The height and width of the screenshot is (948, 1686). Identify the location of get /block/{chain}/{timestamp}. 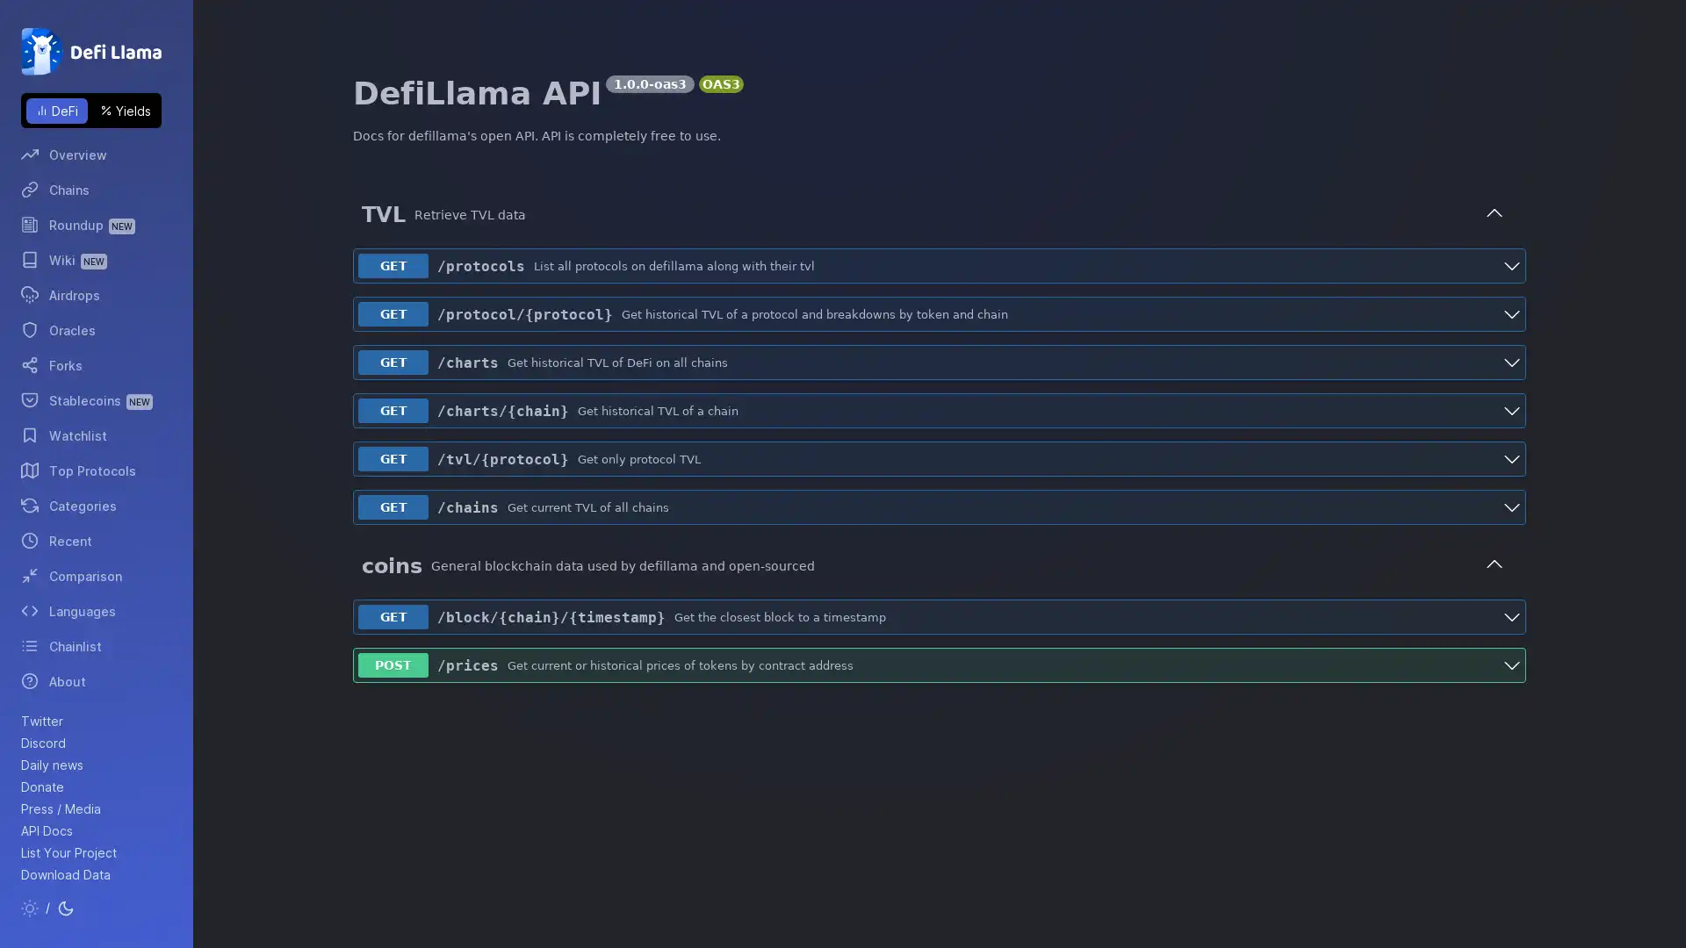
(939, 615).